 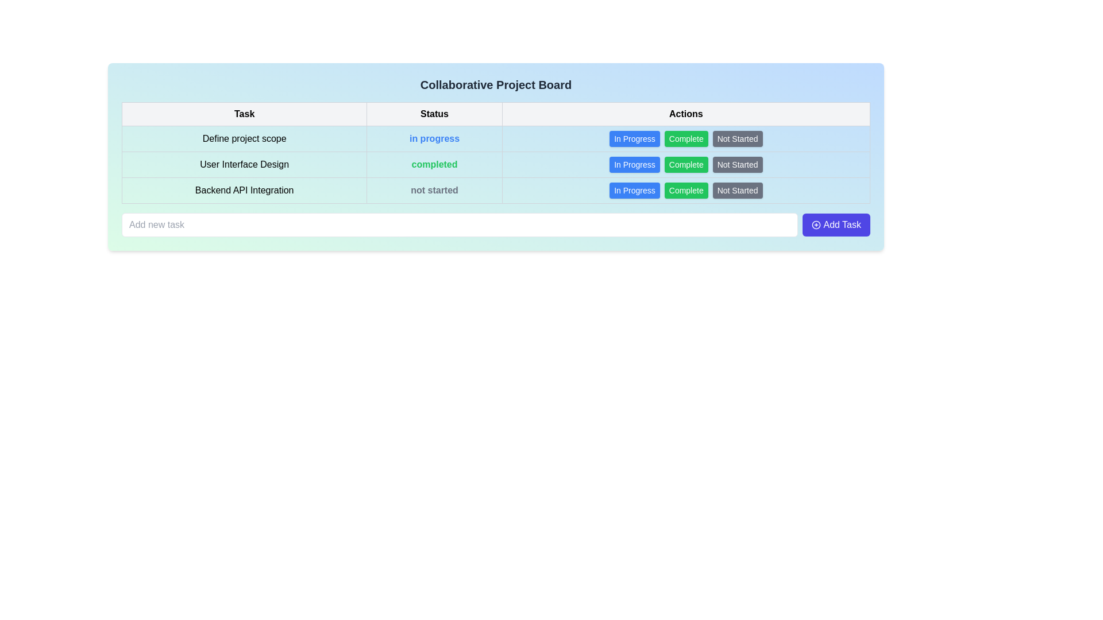 I want to click on the circular plus symbol SVG icon located inside the 'Add Task' button at the bottom-right corner of the interface, so click(x=816, y=225).